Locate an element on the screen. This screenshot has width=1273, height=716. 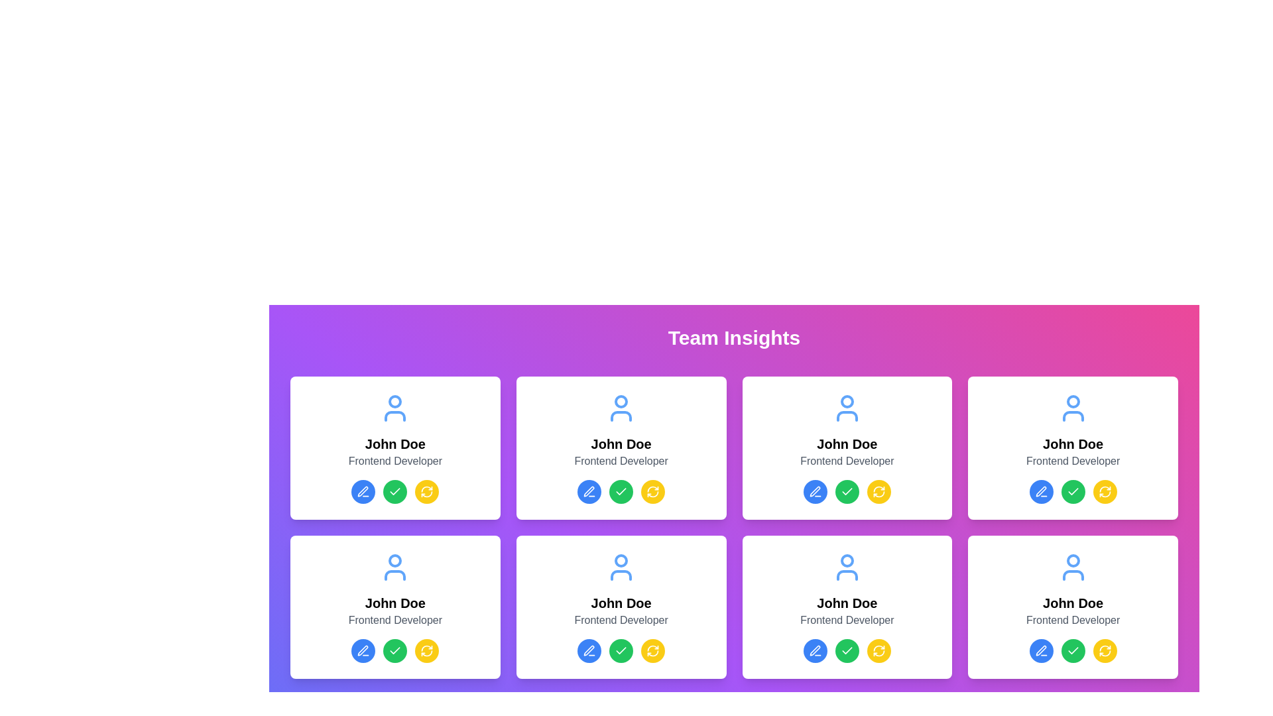
the circular icon with a green background and white checkmark, located in the second card's bottom button row, positioned between the blue edit icon and yellow refresh icon is located at coordinates (846, 491).